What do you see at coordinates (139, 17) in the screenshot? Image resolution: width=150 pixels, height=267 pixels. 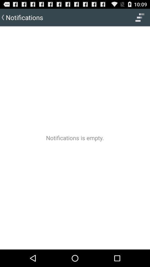 I see `the icon at the top right corner` at bounding box center [139, 17].